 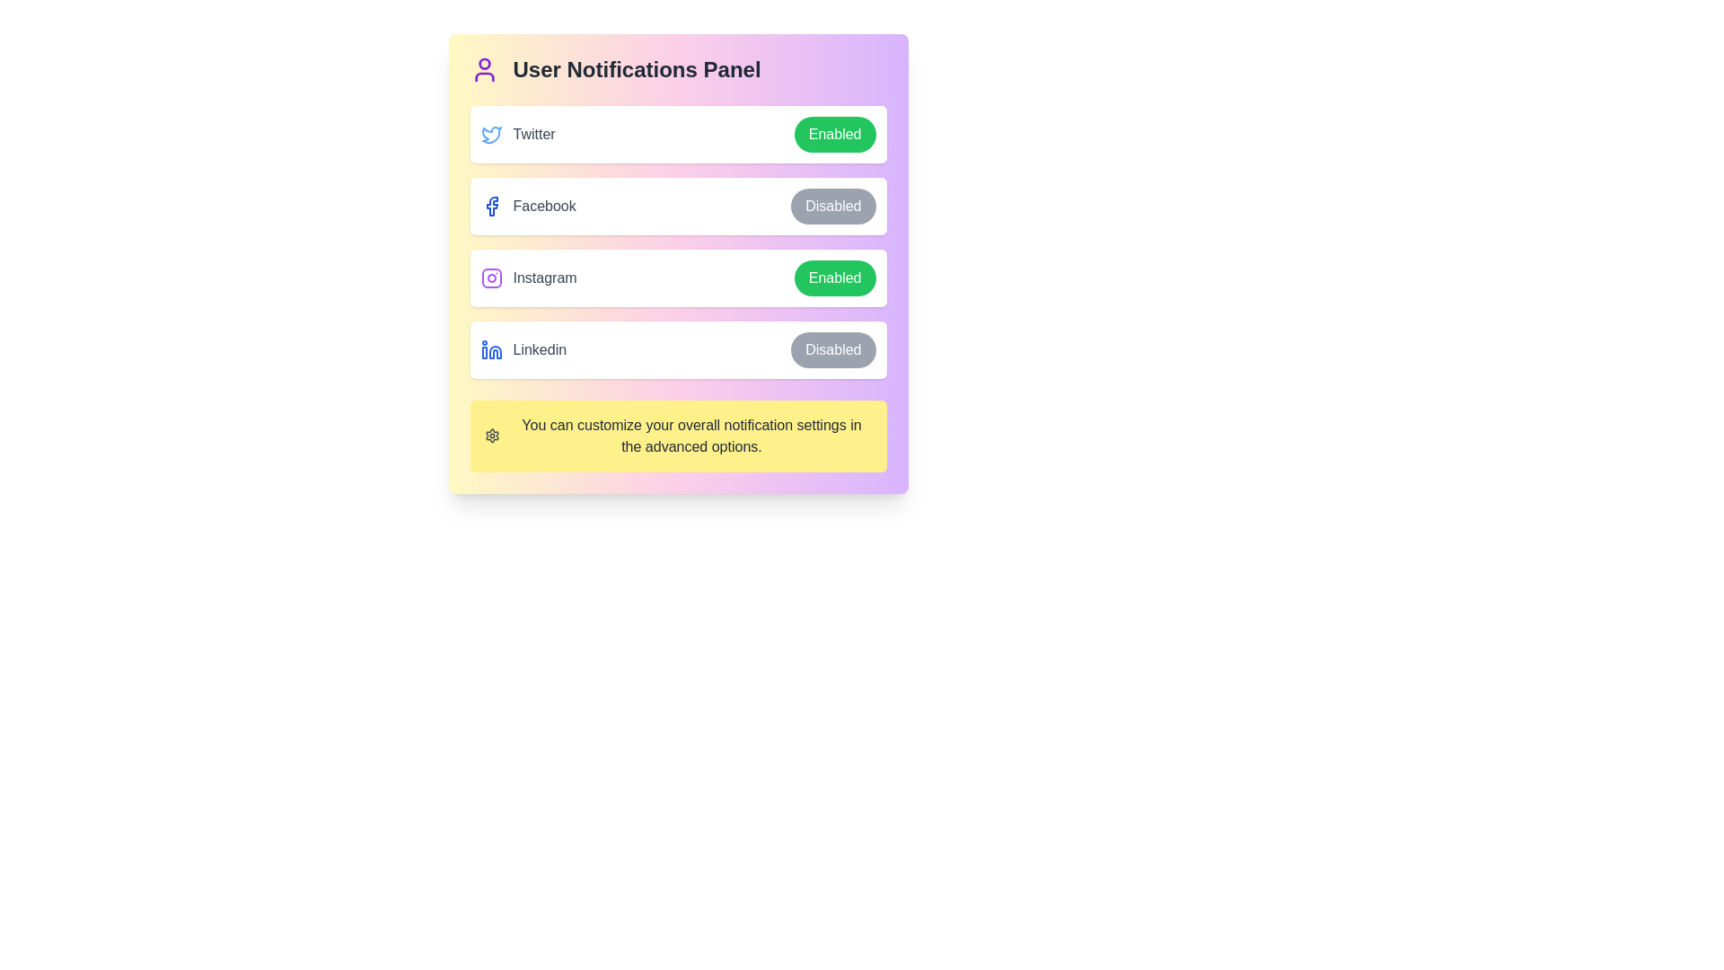 I want to click on status of the notifications for Instagram displayed in the third row of the User Notifications Panel, which is currently set to enabled, so click(x=677, y=278).